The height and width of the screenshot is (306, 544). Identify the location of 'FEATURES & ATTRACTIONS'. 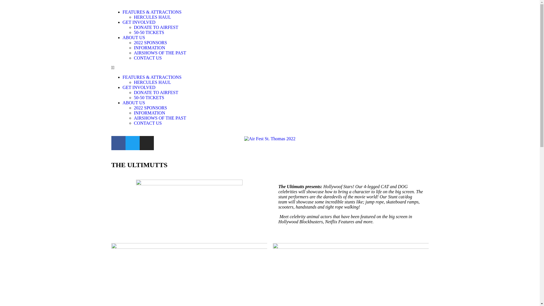
(152, 12).